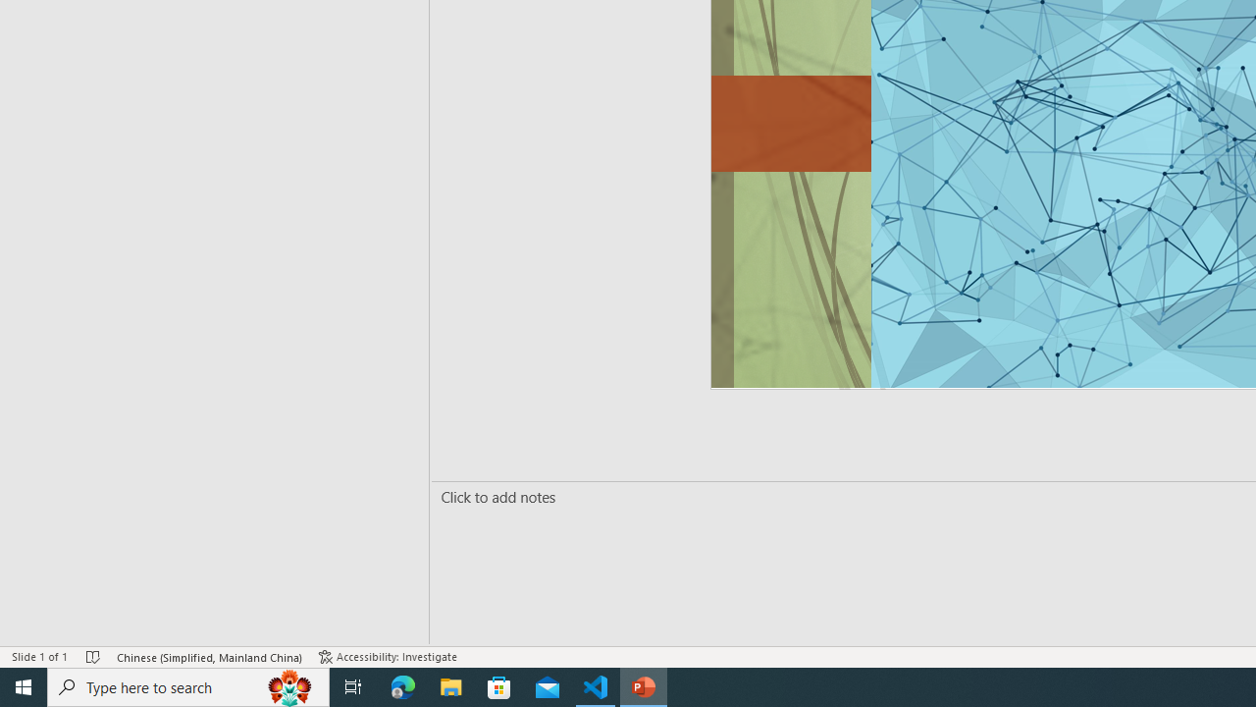 The height and width of the screenshot is (707, 1256). What do you see at coordinates (644, 685) in the screenshot?
I see `'PowerPoint - 1 running window'` at bounding box center [644, 685].